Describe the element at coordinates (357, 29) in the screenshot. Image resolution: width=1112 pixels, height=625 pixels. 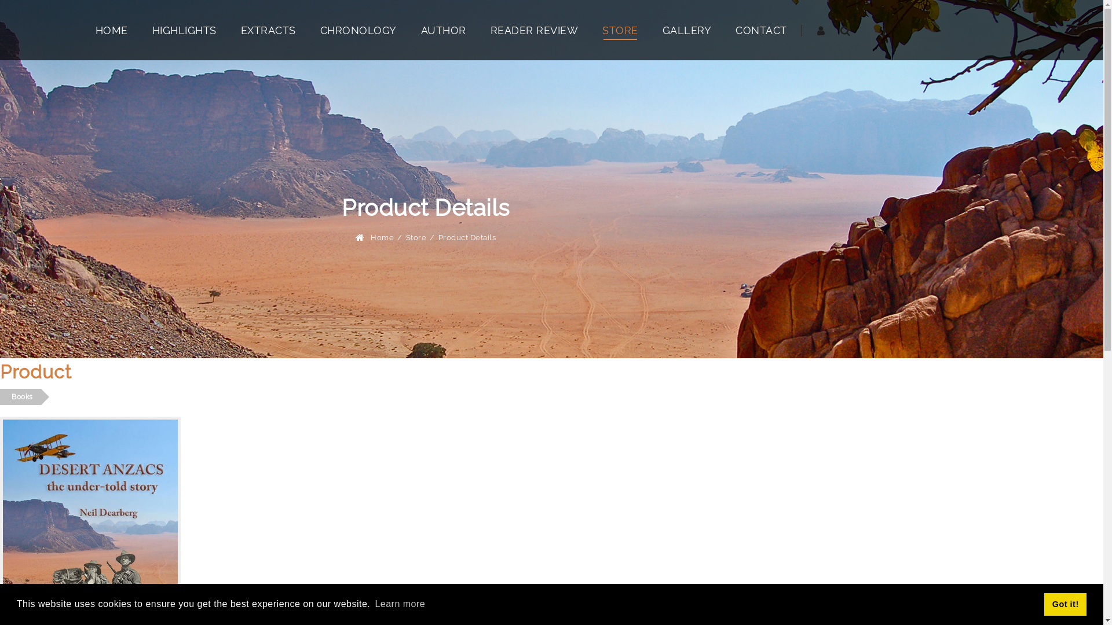
I see `'CHRONOLOGY'` at that location.